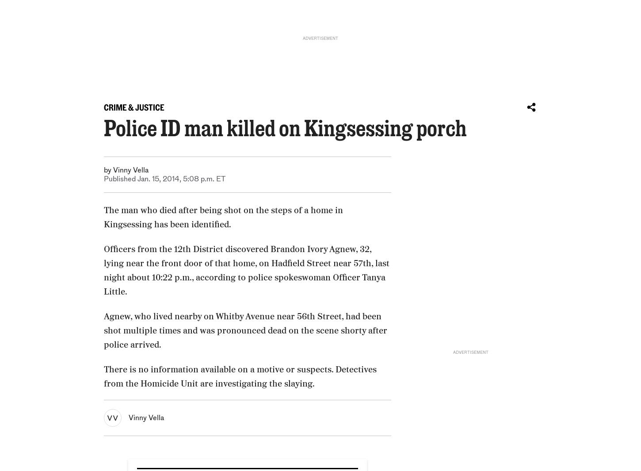 The width and height of the screenshot is (641, 471). I want to click on 'Updated', so click(152, 343).